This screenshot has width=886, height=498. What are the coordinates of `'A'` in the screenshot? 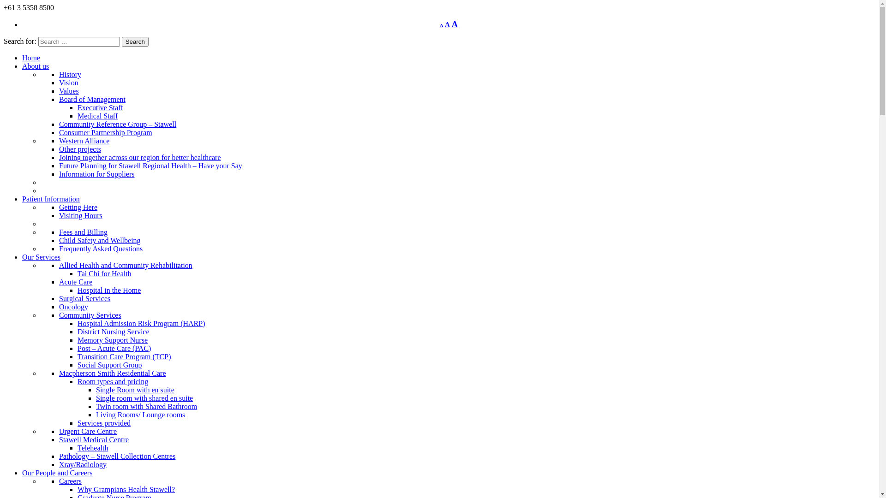 It's located at (452, 24).